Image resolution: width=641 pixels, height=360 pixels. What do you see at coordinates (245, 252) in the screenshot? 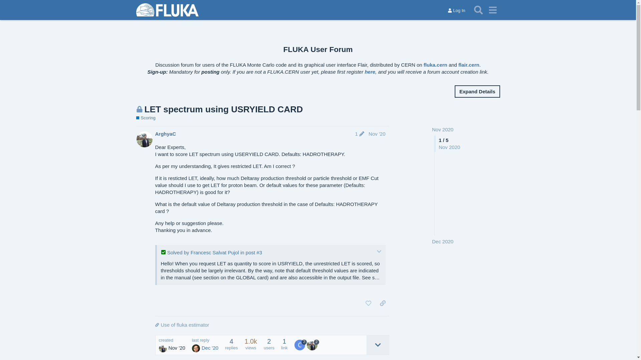
I see `'post #3'` at bounding box center [245, 252].